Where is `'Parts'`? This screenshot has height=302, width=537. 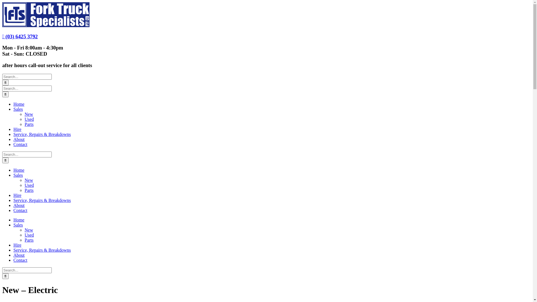 'Parts' is located at coordinates (24, 124).